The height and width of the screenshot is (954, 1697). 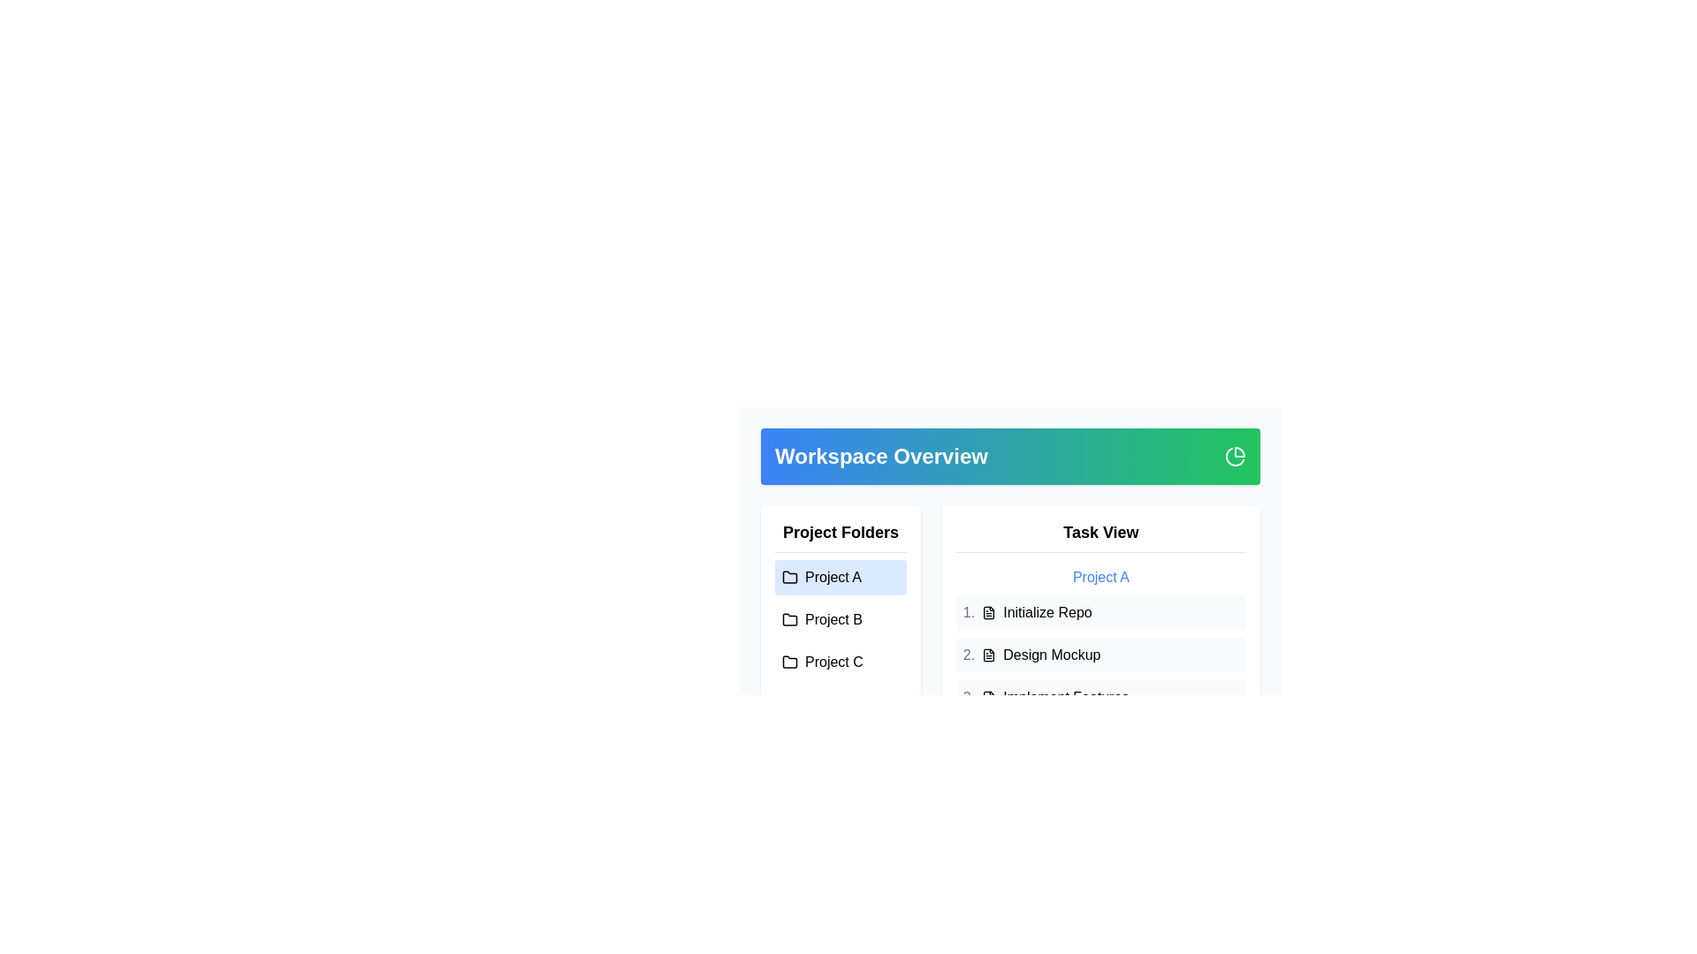 I want to click on the list item labeled '2. Design Mockup' to focus or select the task within the 'Task View' panel under 'Project A', so click(x=1100, y=640).